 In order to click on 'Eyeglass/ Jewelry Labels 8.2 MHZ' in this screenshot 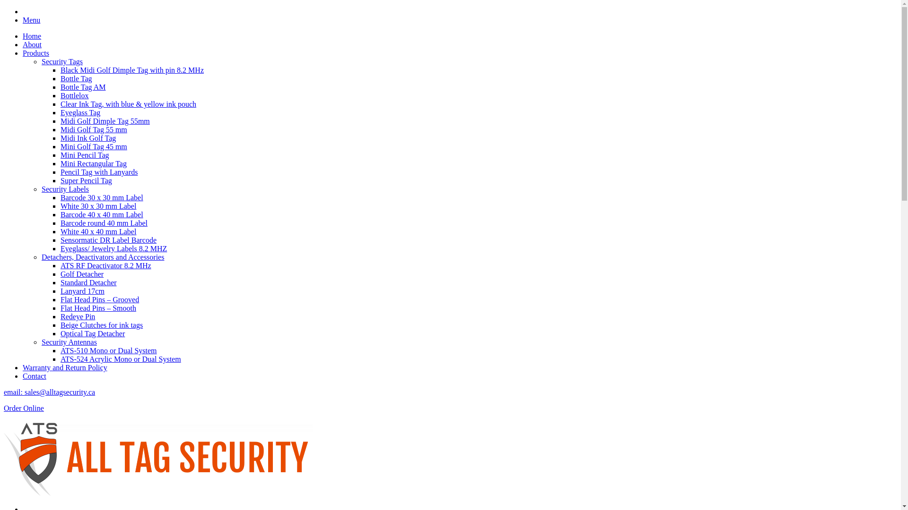, I will do `click(113, 248)`.